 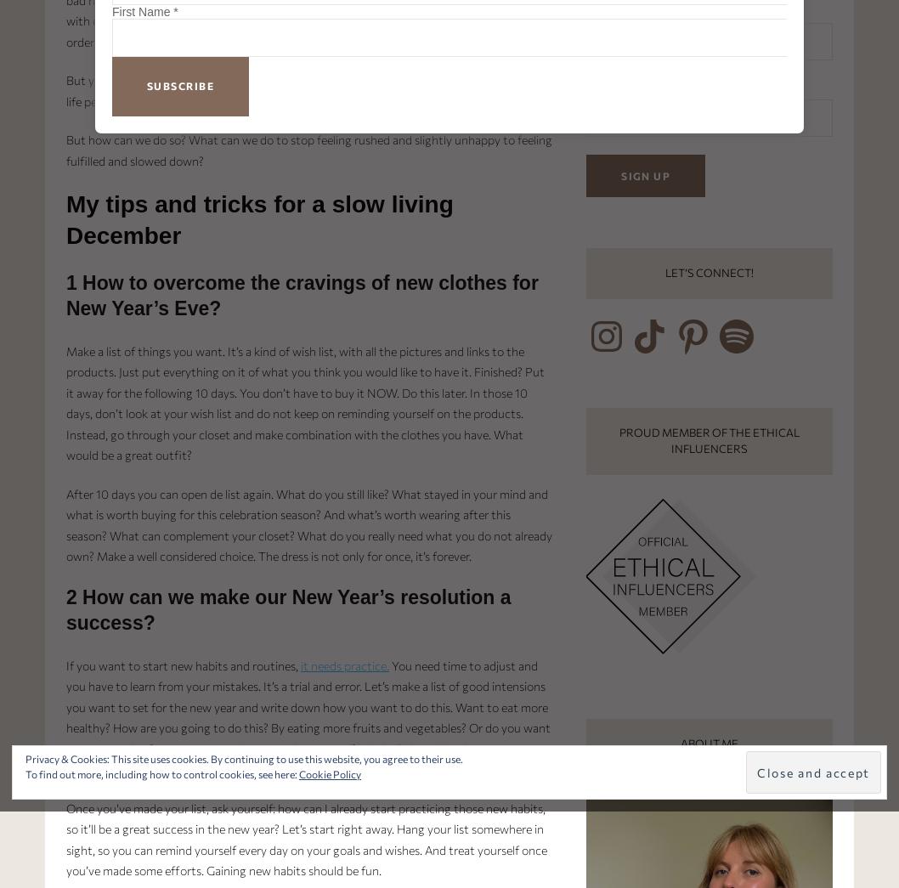 What do you see at coordinates (258, 218) in the screenshot?
I see `'My tips and tricks for a slow living December'` at bounding box center [258, 218].